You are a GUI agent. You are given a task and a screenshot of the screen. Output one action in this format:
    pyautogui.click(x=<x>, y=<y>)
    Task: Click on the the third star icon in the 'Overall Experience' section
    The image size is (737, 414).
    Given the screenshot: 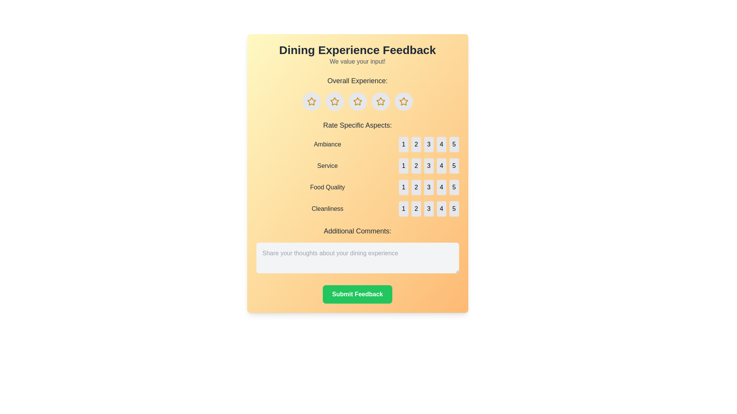 What is the action you would take?
    pyautogui.click(x=380, y=101)
    